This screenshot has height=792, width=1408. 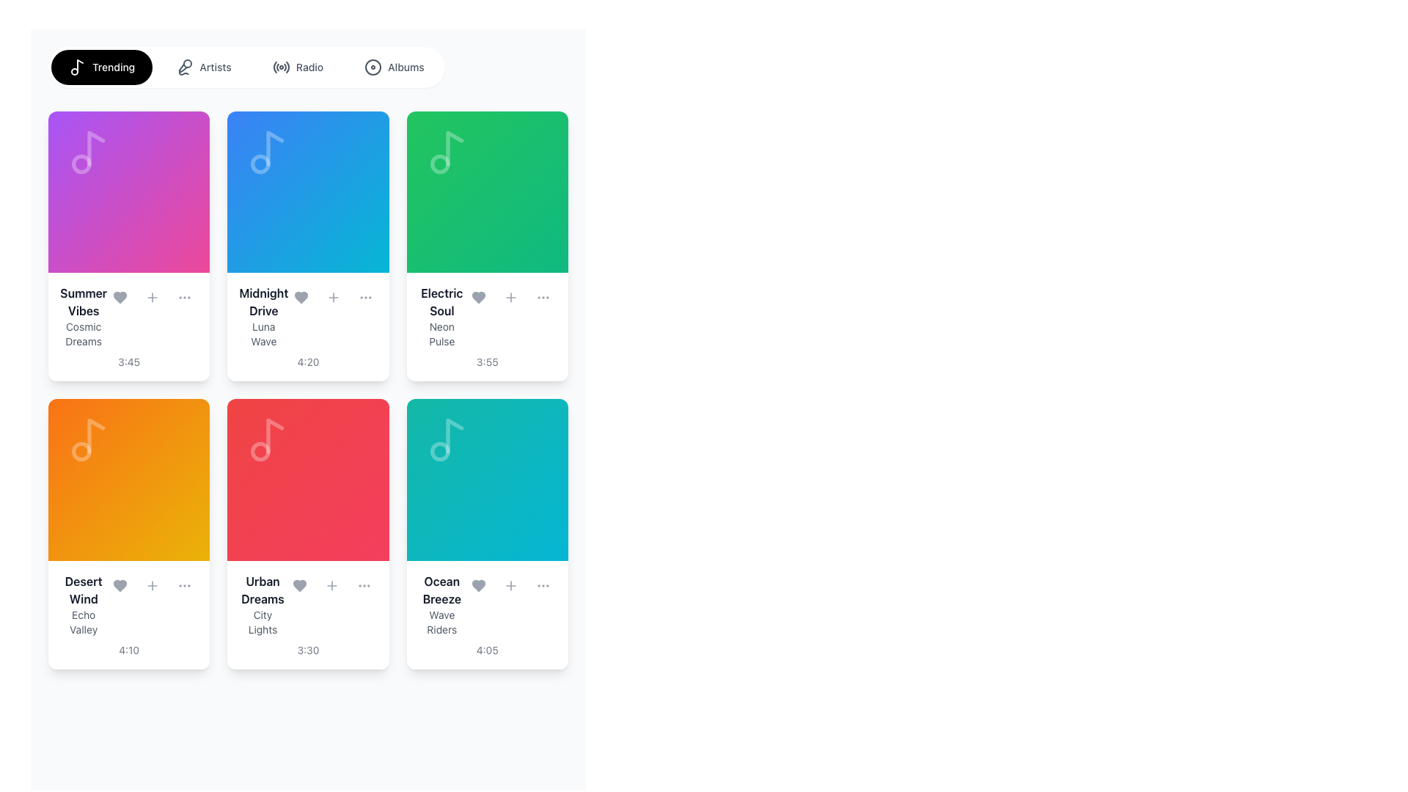 I want to click on the 'Add to Playlist' button located adjacent to the heart-shaped button in the second card under the title 'Midnight Drive', so click(x=333, y=297).